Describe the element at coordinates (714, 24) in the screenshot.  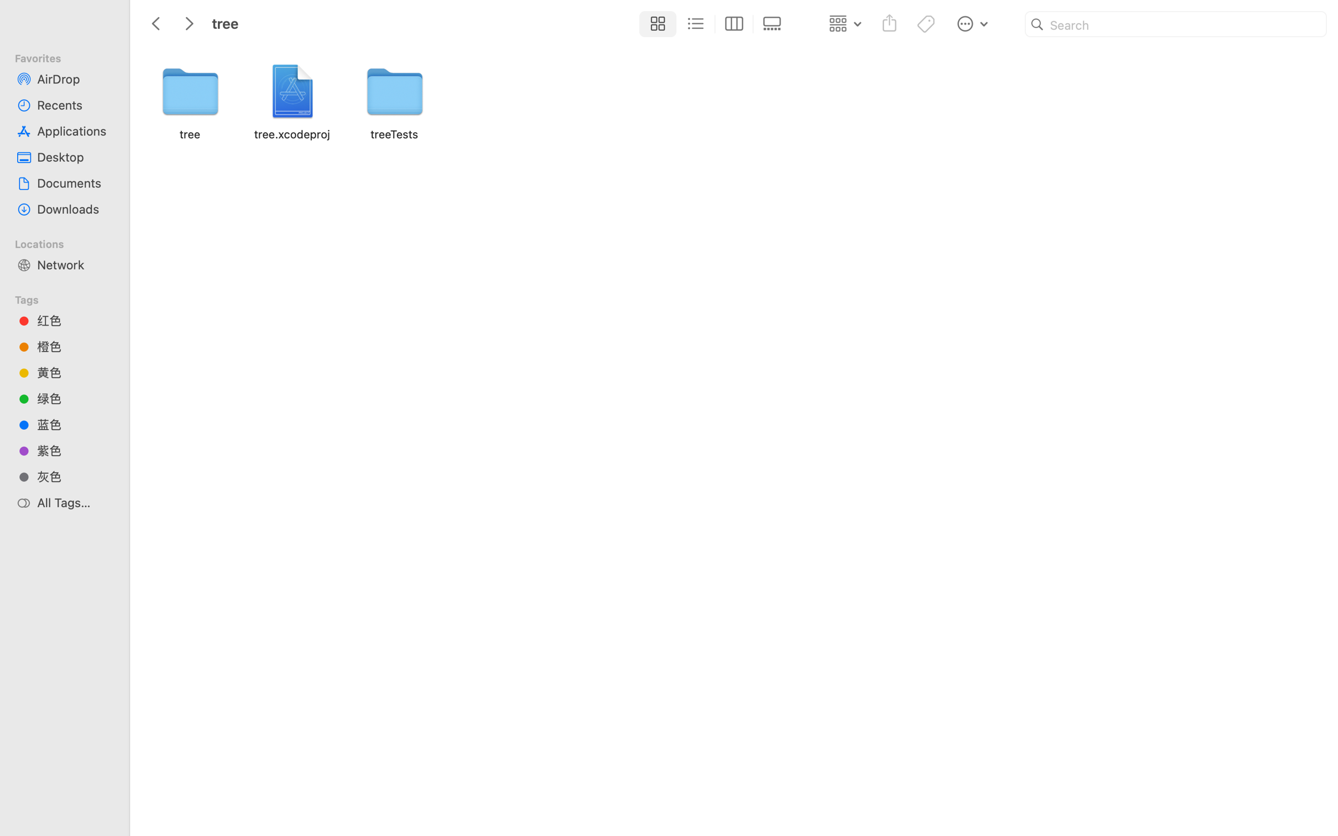
I see `'<AXUIElement 0x14da607b0> {pid=510}'` at that location.